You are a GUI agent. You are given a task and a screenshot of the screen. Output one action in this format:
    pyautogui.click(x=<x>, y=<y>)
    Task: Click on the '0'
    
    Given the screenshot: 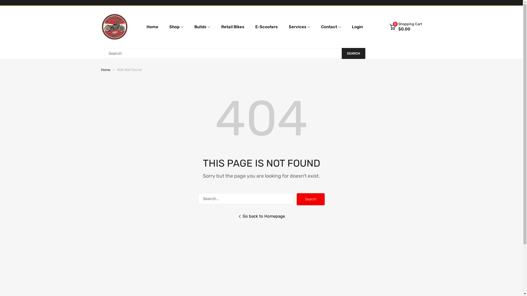 What is the action you would take?
    pyautogui.click(x=392, y=27)
    